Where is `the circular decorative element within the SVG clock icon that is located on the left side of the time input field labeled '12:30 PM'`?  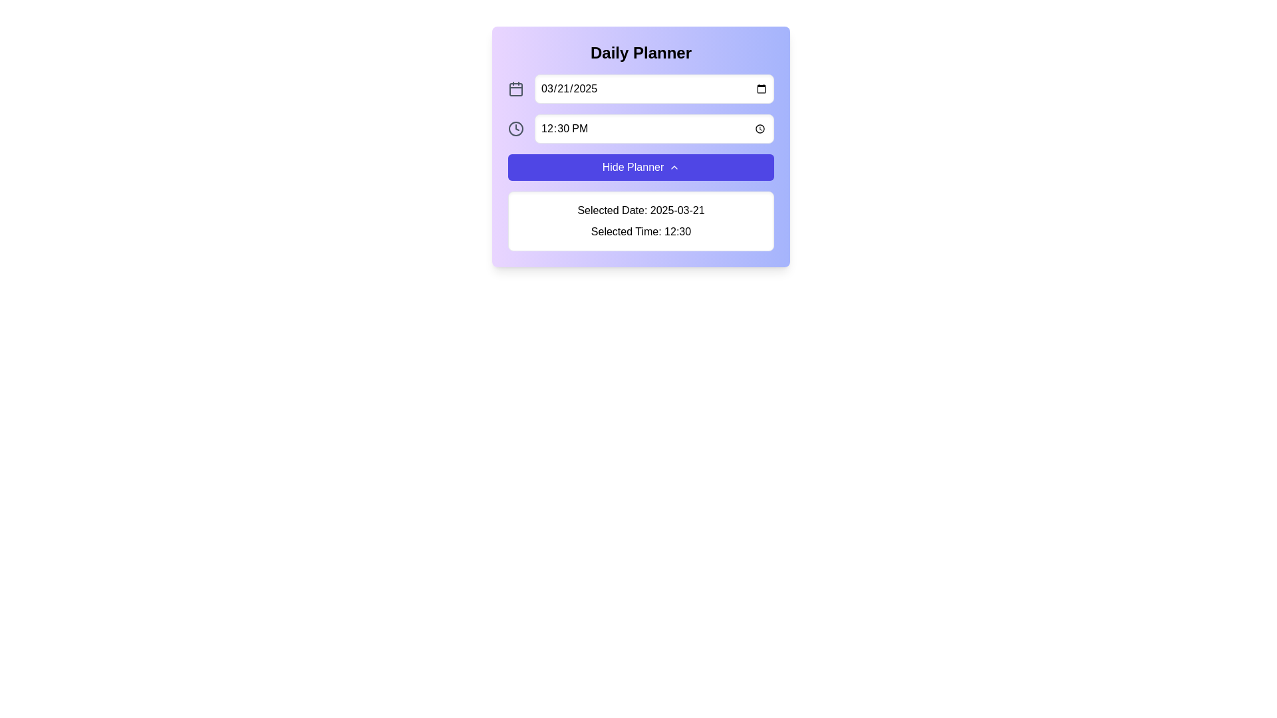 the circular decorative element within the SVG clock icon that is located on the left side of the time input field labeled '12:30 PM' is located at coordinates (515, 128).